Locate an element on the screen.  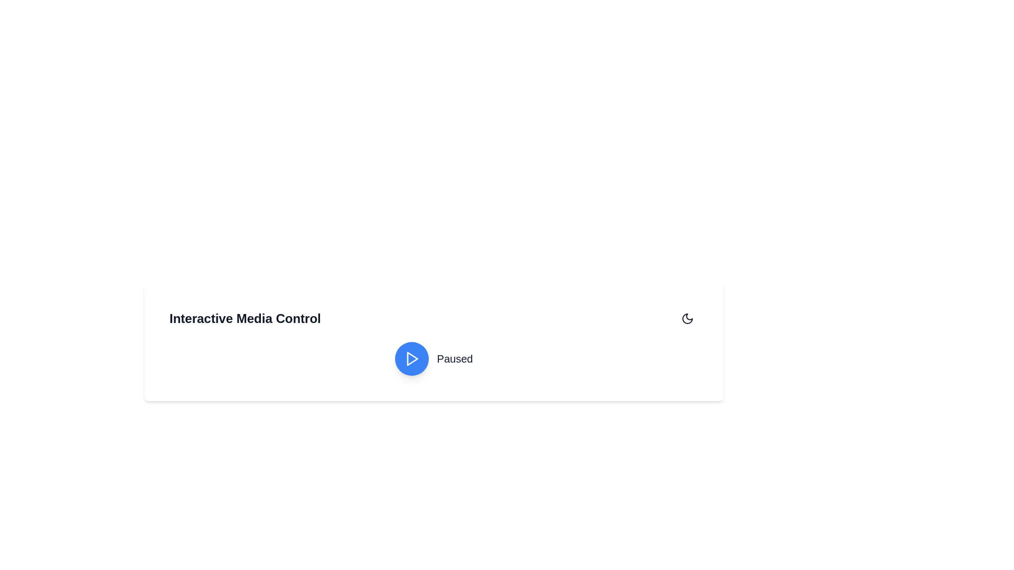
the night mode toggle icon located in the top-right corner of the interactive media card is located at coordinates (687, 318).